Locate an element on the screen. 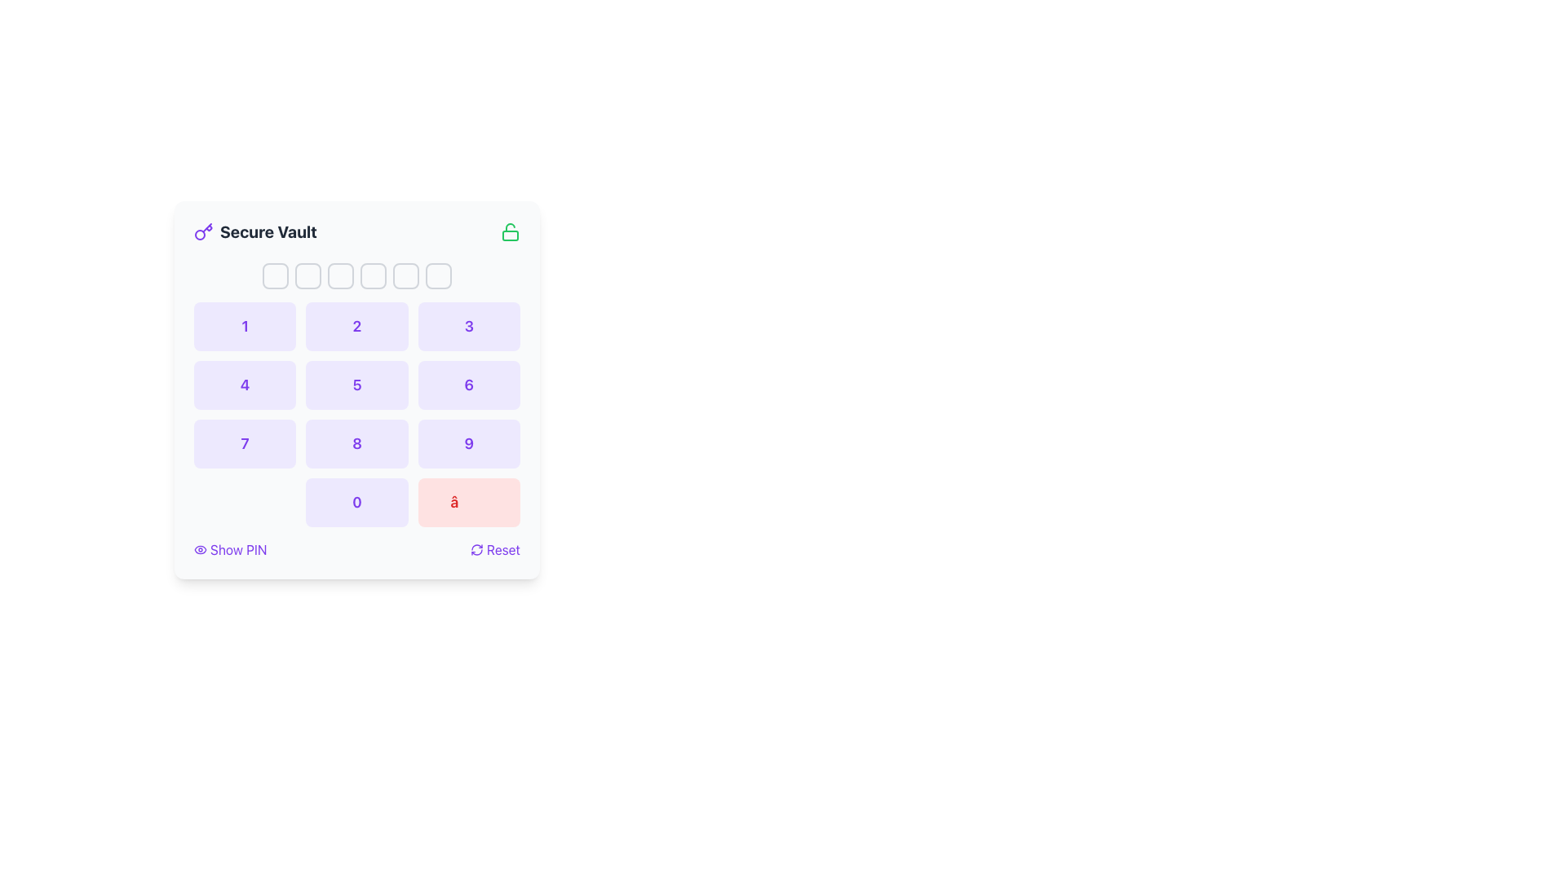 This screenshot has width=1566, height=880. the bottom rectangular portion of the lock icon, which indicates the lock status is located at coordinates (509, 235).